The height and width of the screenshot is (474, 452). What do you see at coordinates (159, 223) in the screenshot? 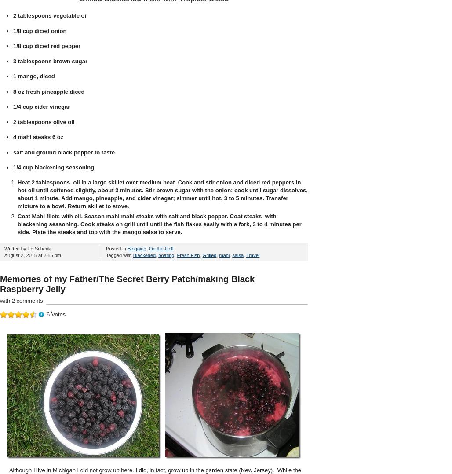
I see `'Coat Mahi filets with oil. Season mahi mahi steaks with salt and black pepper. Coat steaks  with blackening seasoning. Cook steaks on grill until until the fish flakes easily with a fork, 3 to 4 minutes per side. Plate the steaks and top with the mango salsa to serve.'` at bounding box center [159, 223].